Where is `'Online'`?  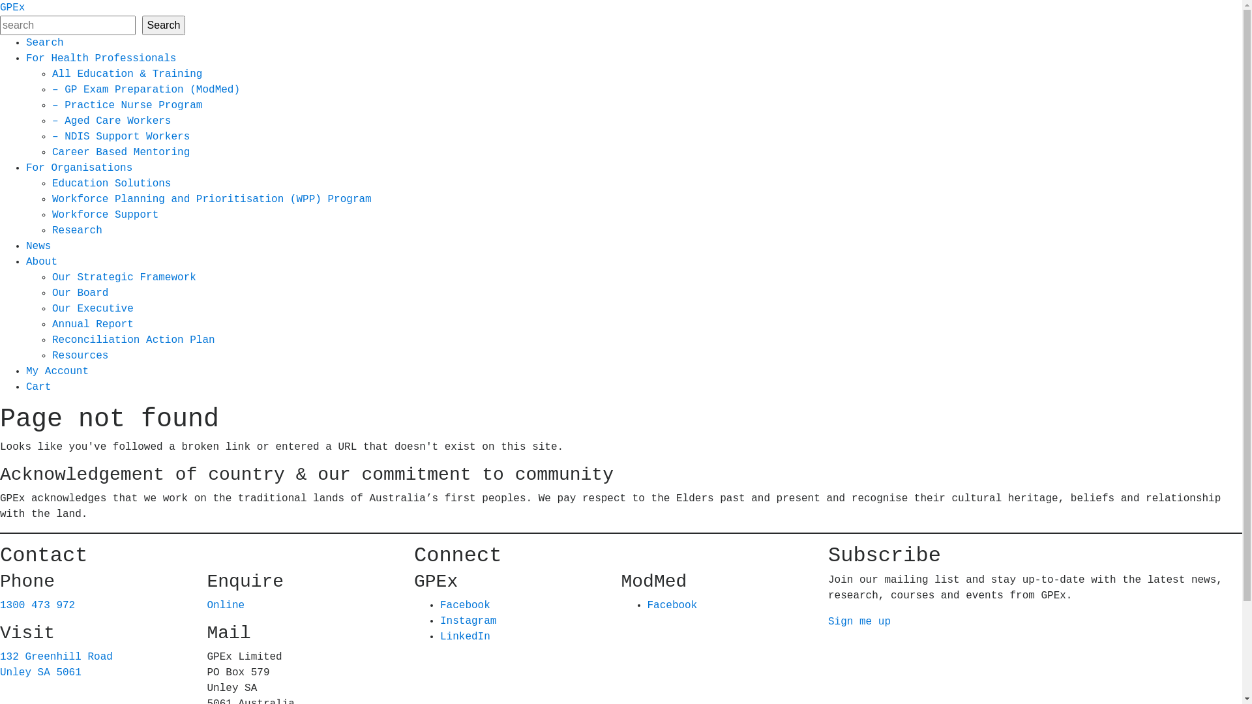 'Online' is located at coordinates (206, 606).